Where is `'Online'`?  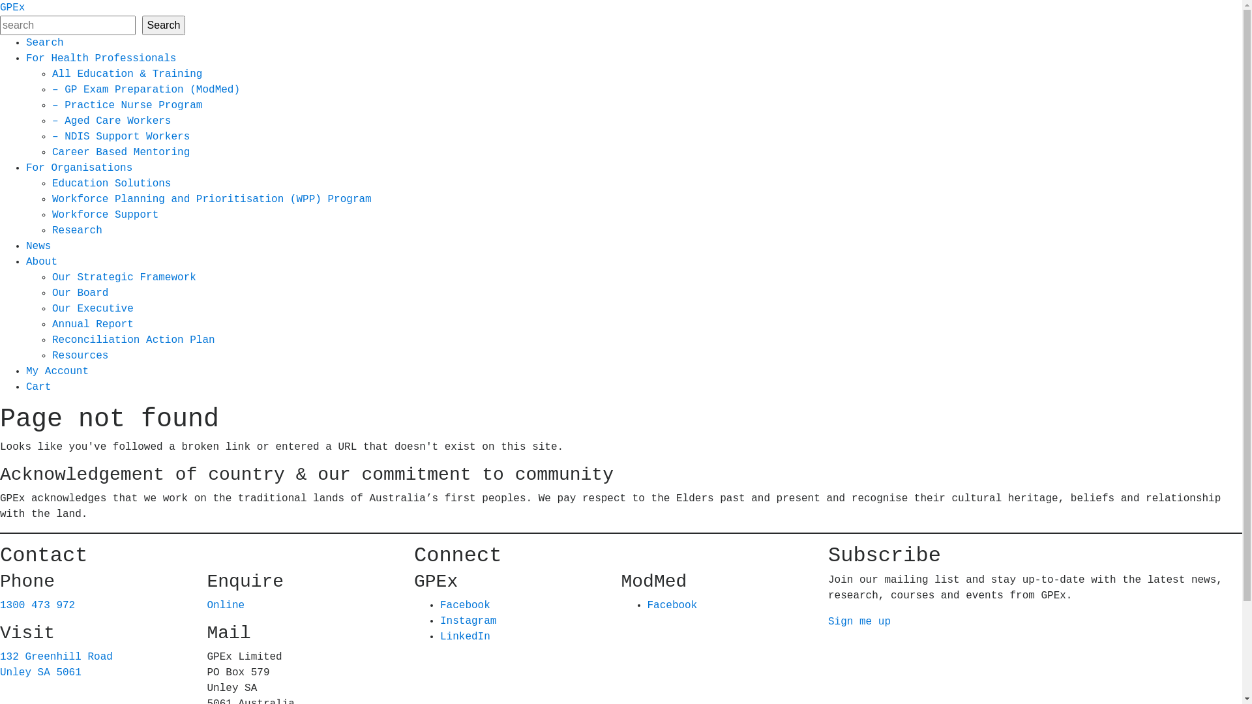 'Online' is located at coordinates (206, 606).